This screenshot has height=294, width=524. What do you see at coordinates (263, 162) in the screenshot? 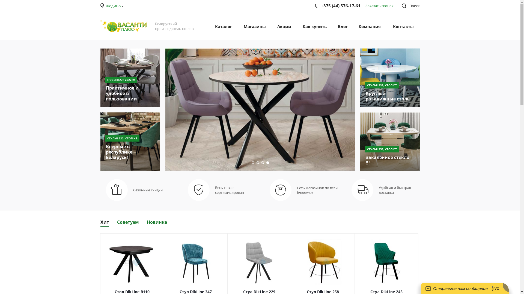
I see `'3'` at bounding box center [263, 162].